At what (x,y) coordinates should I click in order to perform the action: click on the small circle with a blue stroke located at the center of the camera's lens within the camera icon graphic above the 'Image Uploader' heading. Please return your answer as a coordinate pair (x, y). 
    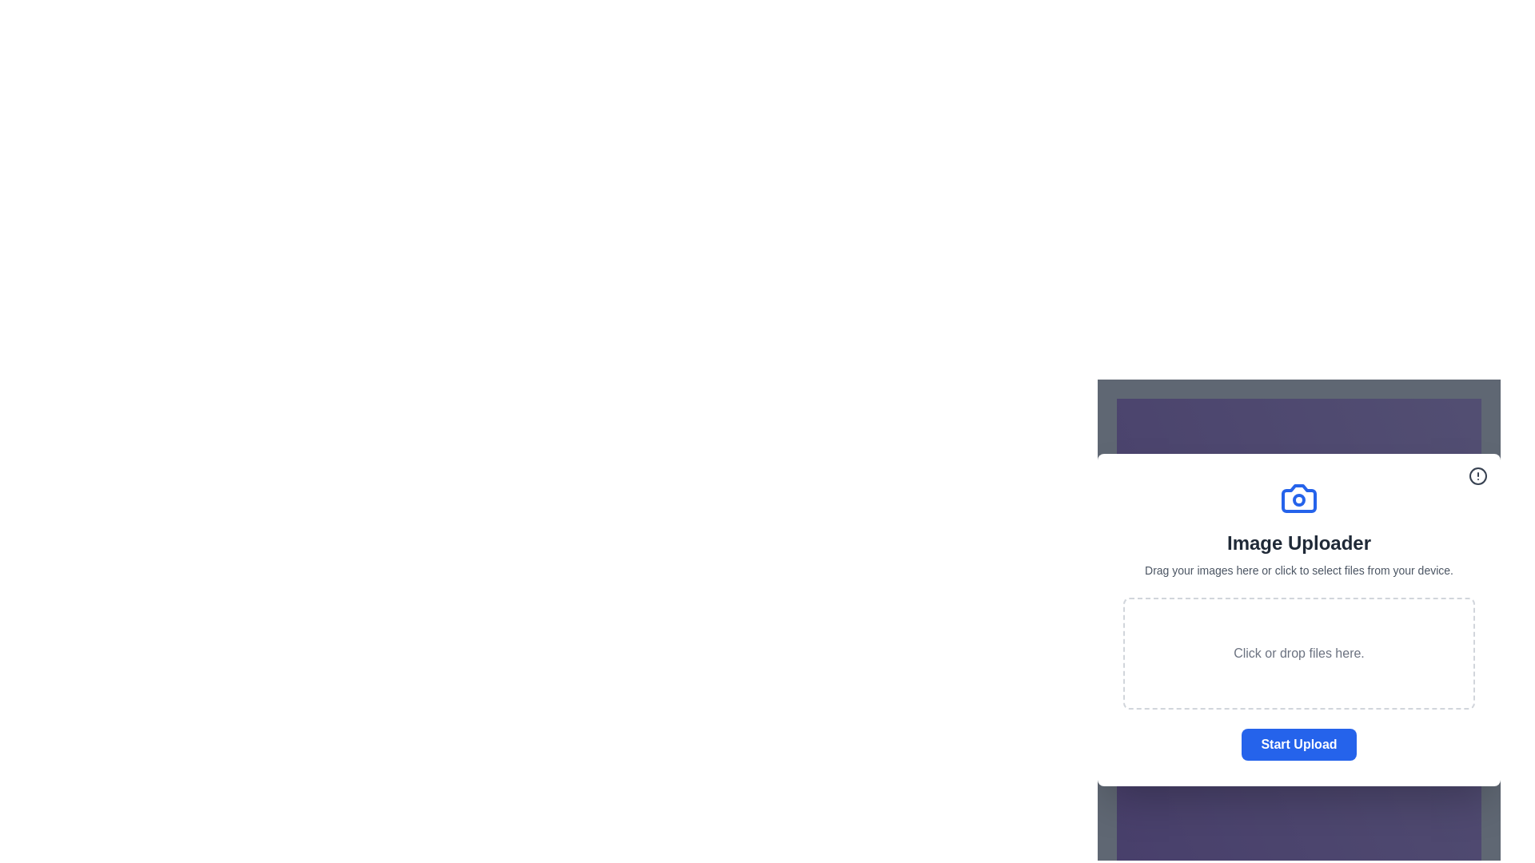
    Looking at the image, I should click on (1299, 499).